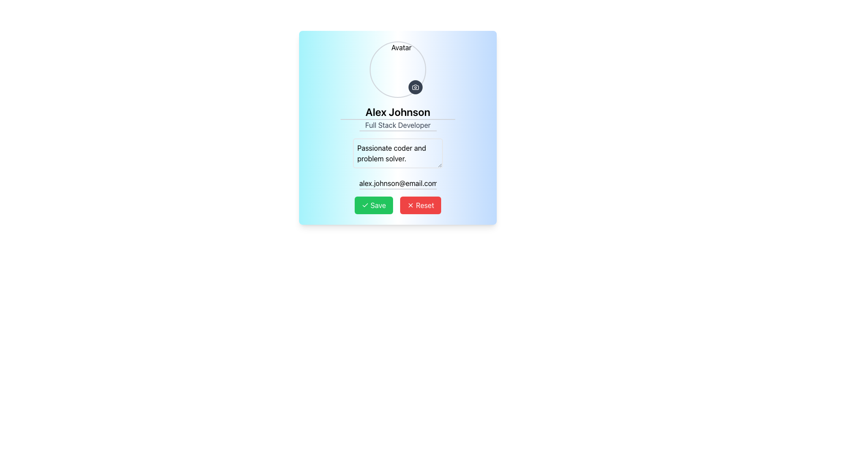 This screenshot has height=476, width=847. I want to click on the check mark icon located inside the green 'Save' button to confirm an action, so click(365, 205).